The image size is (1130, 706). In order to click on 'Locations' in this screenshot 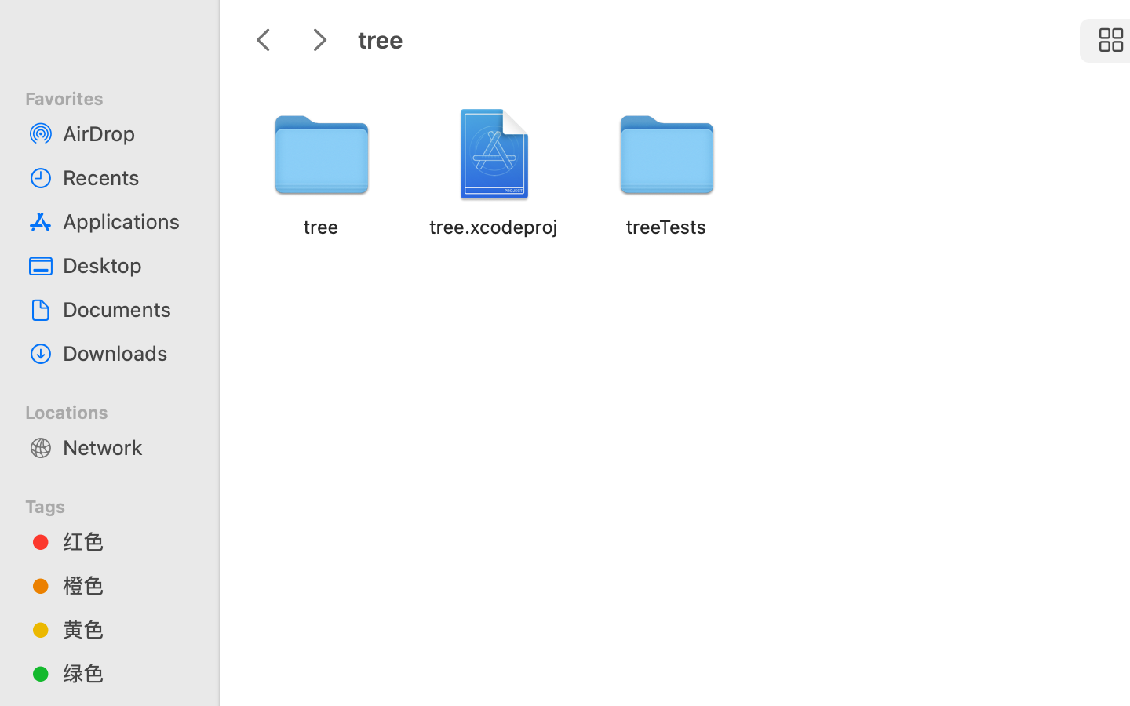, I will do `click(118, 409)`.